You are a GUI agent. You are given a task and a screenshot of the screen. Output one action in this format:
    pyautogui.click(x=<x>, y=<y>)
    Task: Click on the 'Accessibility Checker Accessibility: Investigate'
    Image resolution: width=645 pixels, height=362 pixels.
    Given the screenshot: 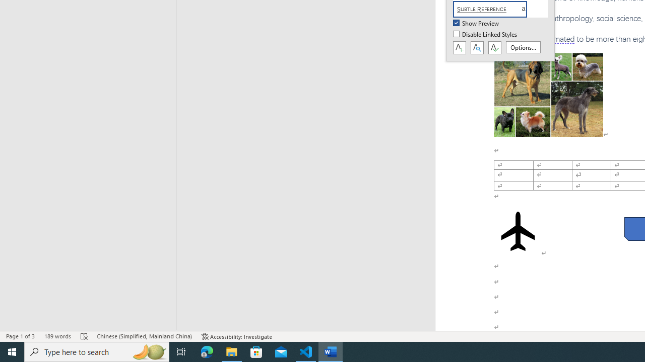 What is the action you would take?
    pyautogui.click(x=236, y=336)
    